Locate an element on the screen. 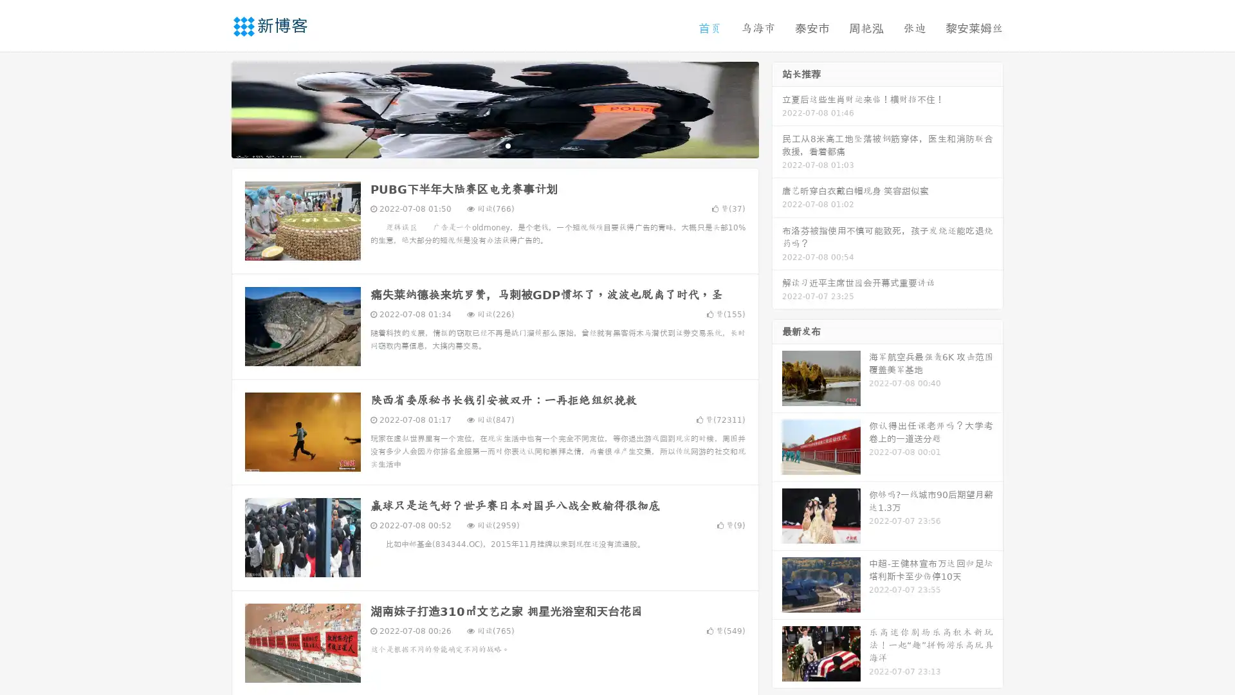  Go to slide 1 is located at coordinates (481, 145).